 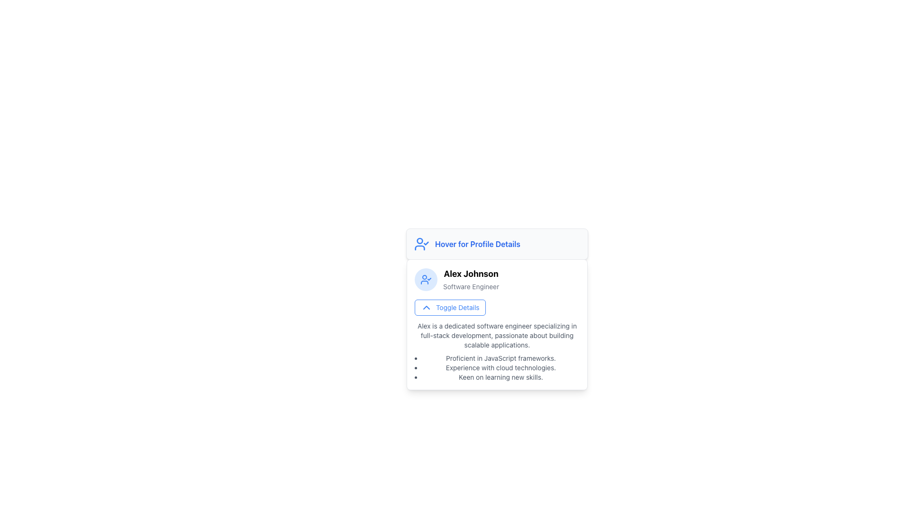 What do you see at coordinates (449, 307) in the screenshot?
I see `the collapsible toggle button located at the top-center of the content card for 'Alex'` at bounding box center [449, 307].